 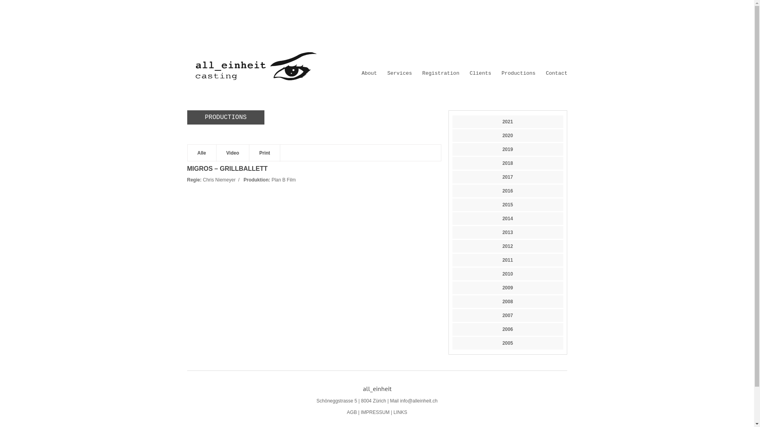 What do you see at coordinates (440, 73) in the screenshot?
I see `'Registration'` at bounding box center [440, 73].